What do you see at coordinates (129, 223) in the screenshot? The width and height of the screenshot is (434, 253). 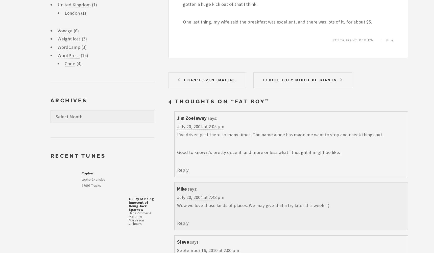 I see `'20 hours'` at bounding box center [129, 223].